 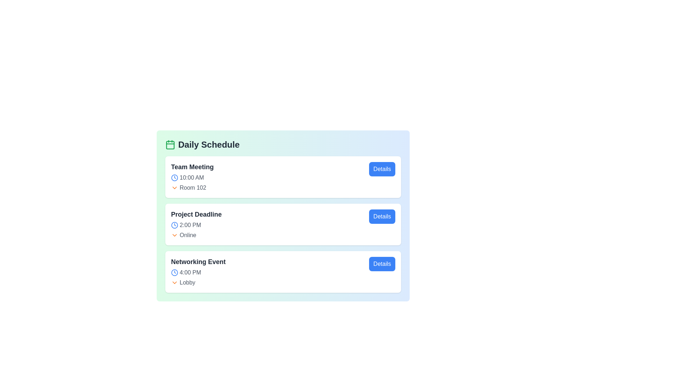 I want to click on the text label indicating '4:00 PM' for the 'Networking Event' in the schedule interface, so click(x=190, y=273).